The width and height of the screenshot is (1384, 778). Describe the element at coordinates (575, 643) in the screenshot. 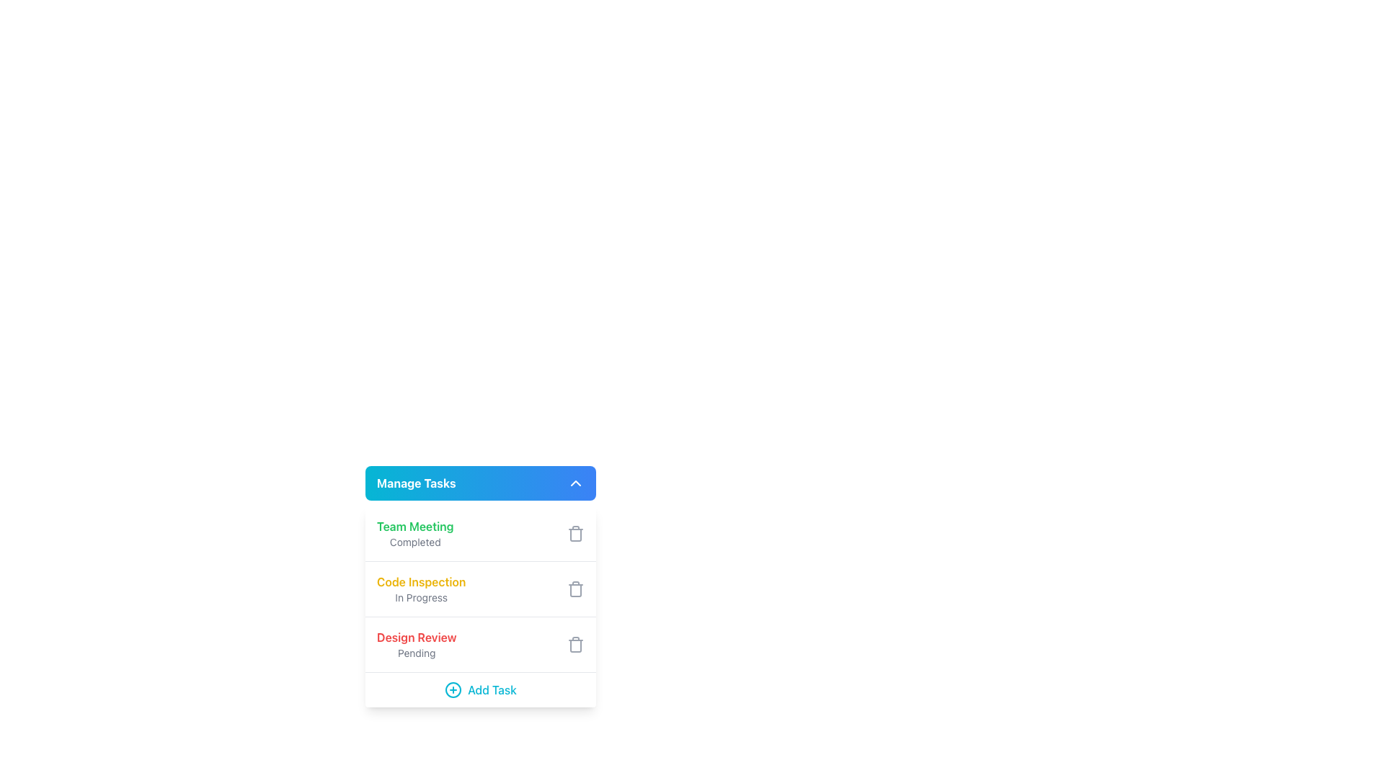

I see `the trash bin icon button located on the right side of the 'Design Review' row with the sub-label 'Pending' to change its color from gray to red` at that location.